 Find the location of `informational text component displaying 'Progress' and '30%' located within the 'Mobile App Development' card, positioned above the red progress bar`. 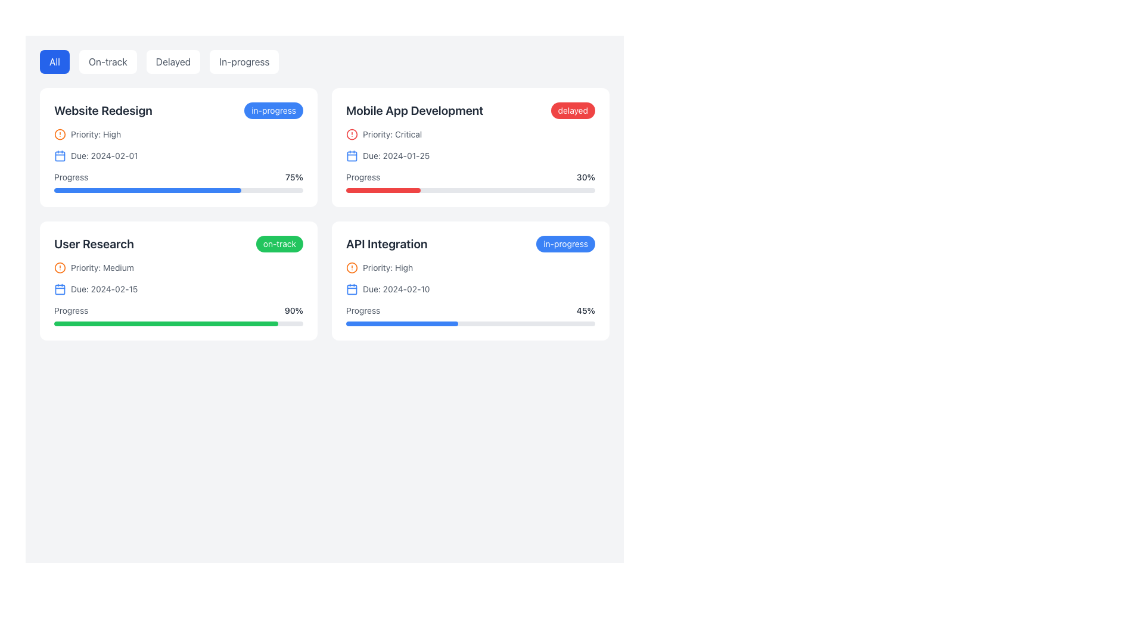

informational text component displaying 'Progress' and '30%' located within the 'Mobile App Development' card, positioned above the red progress bar is located at coordinates (470, 177).